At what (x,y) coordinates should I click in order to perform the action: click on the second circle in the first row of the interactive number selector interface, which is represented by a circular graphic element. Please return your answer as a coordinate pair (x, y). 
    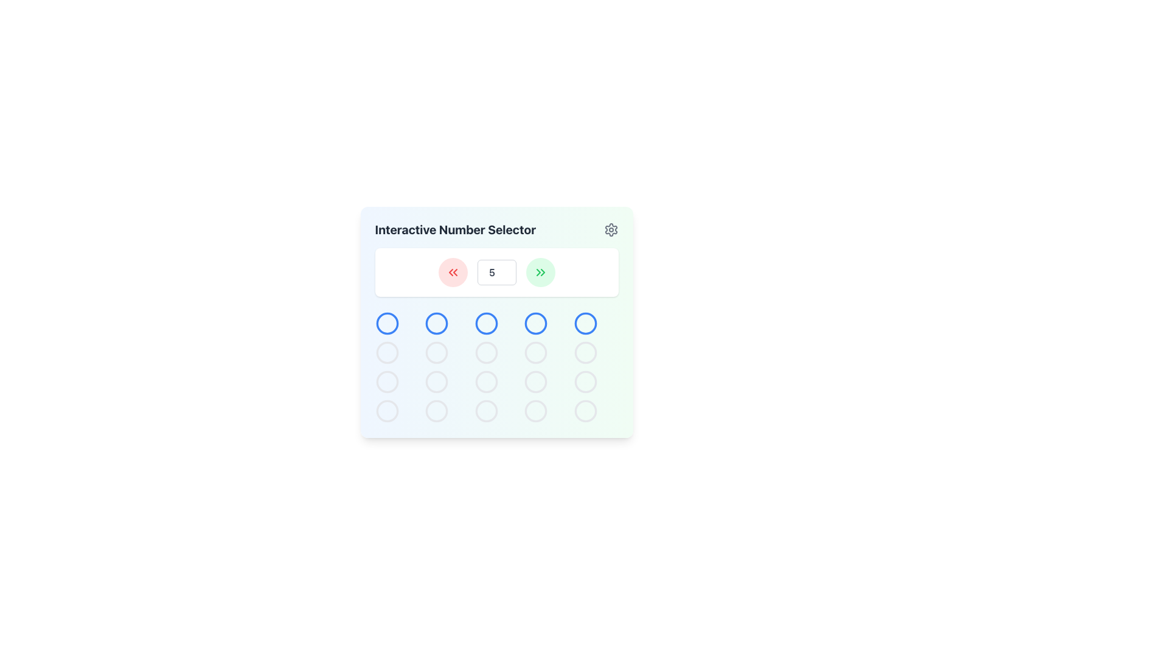
    Looking at the image, I should click on (437, 323).